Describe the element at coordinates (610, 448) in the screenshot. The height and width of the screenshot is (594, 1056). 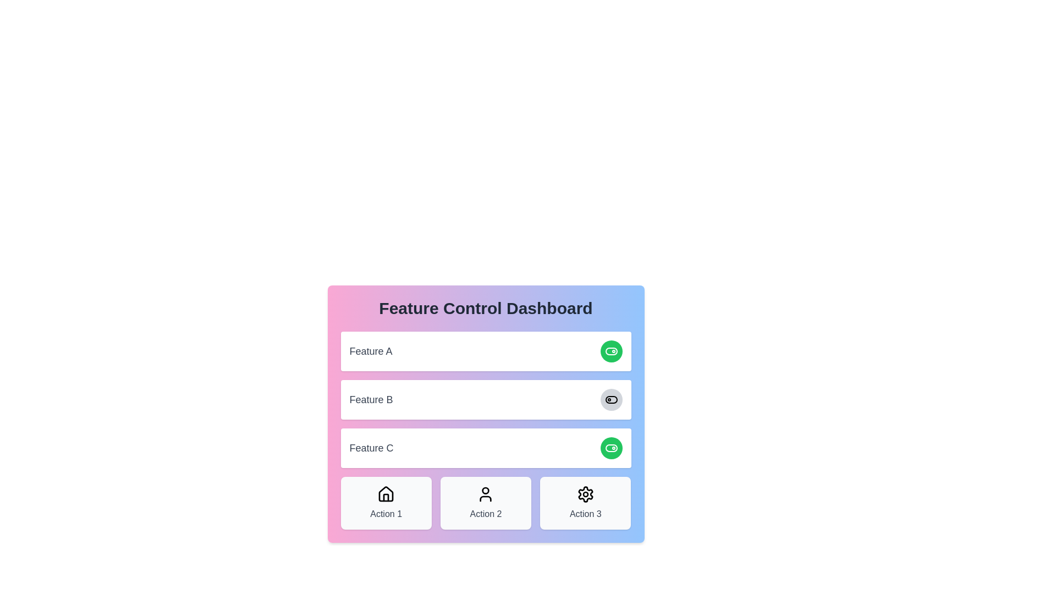
I see `the green circular toggle button with a white icon next to 'Feature C' in the Feature Control Dashboard to change its state` at that location.